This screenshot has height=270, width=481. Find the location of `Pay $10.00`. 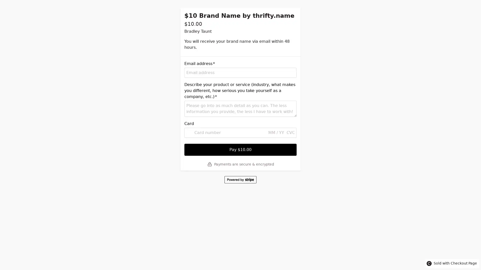

Pay $10.00 is located at coordinates (241, 149).